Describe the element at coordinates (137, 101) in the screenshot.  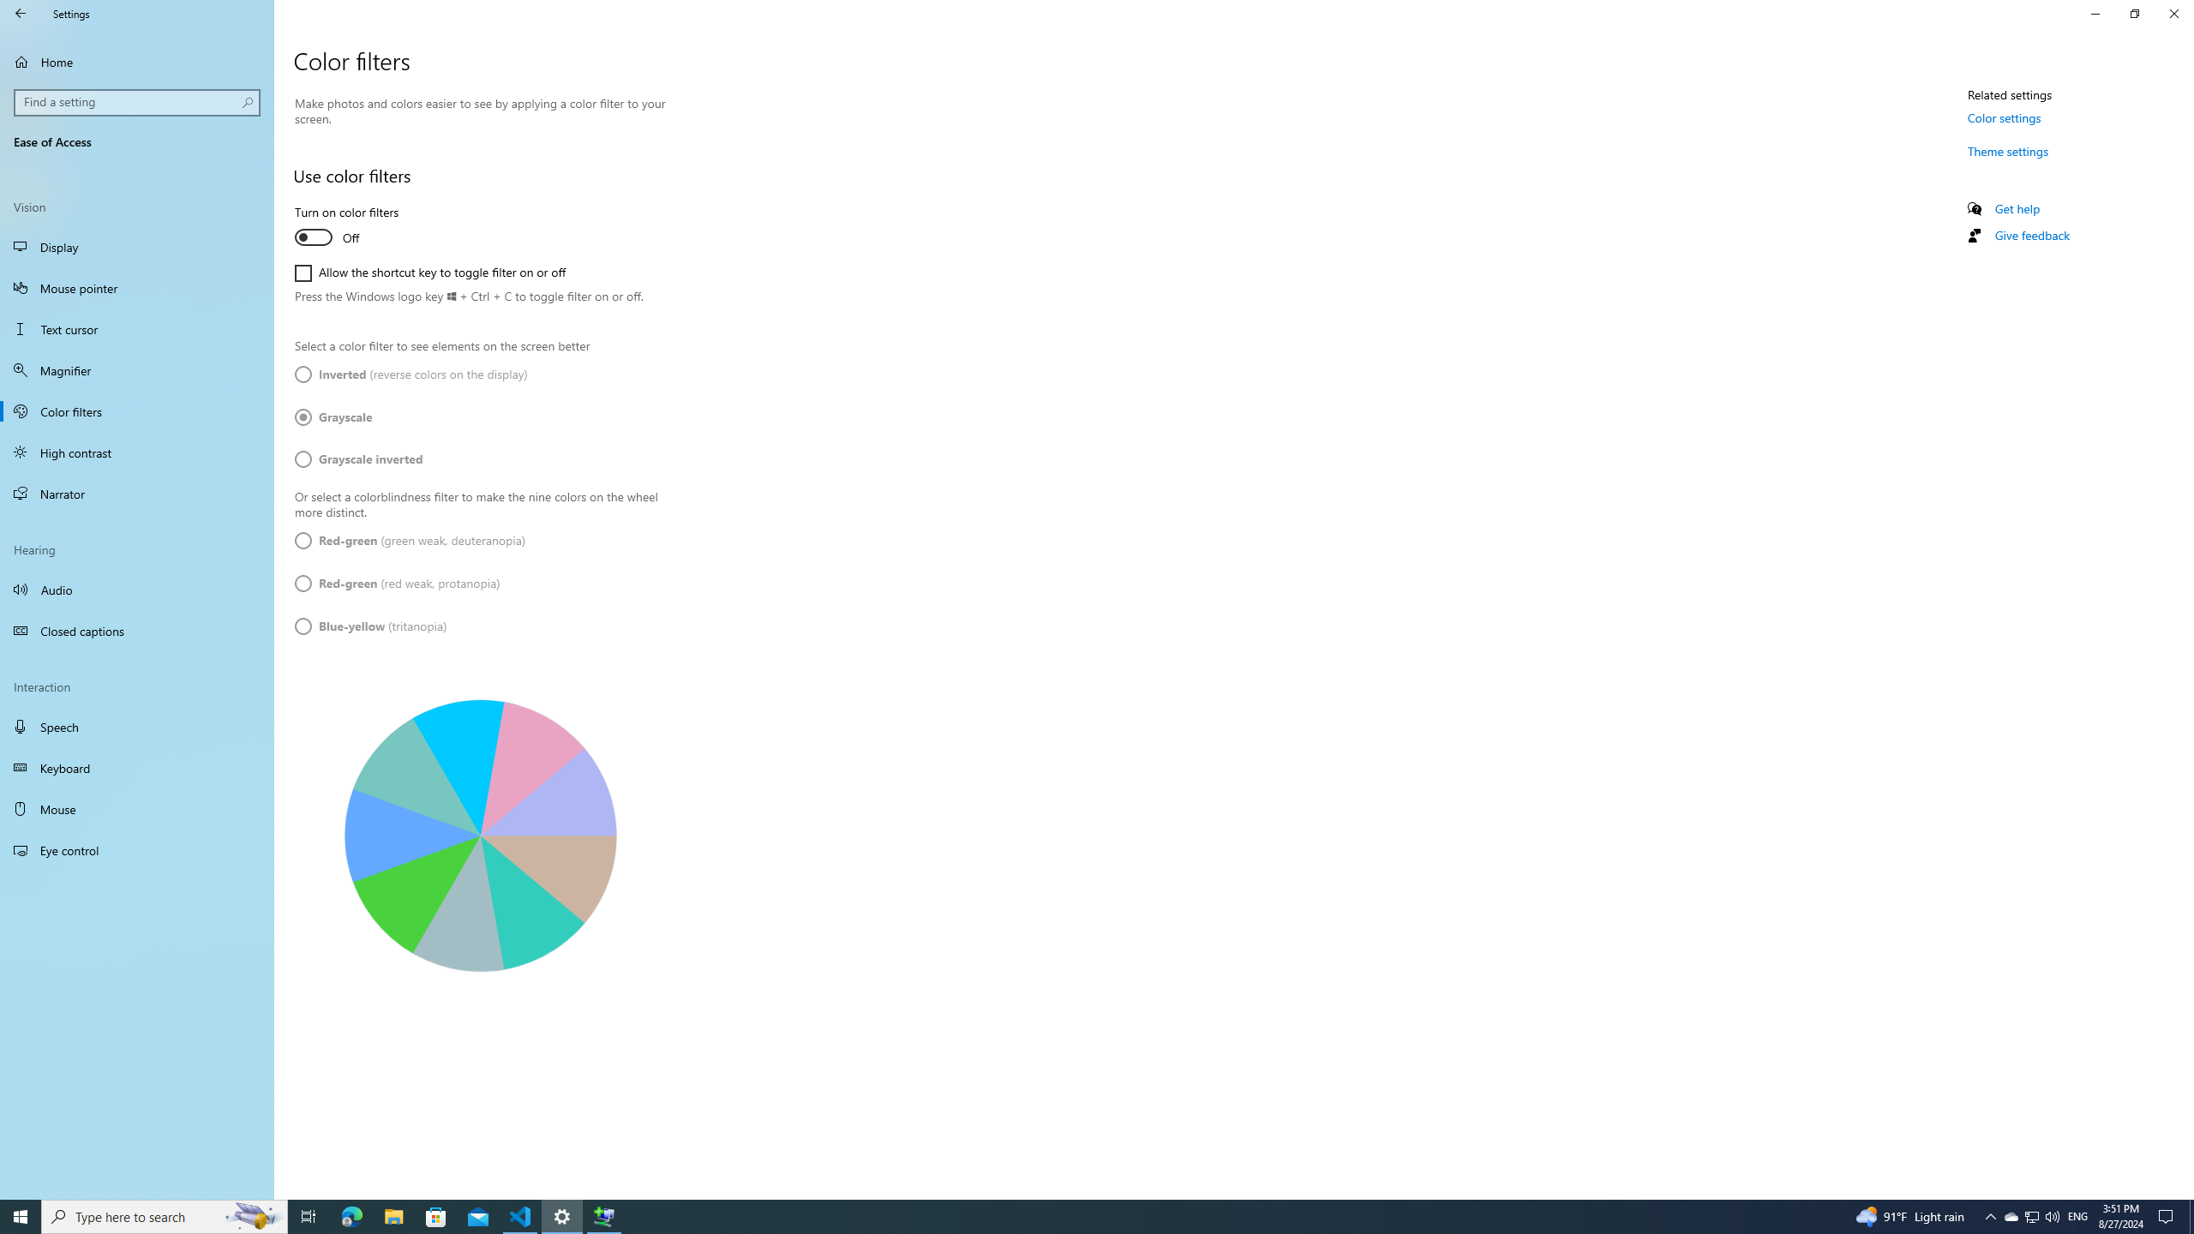
I see `'Search box, Find a setting'` at that location.